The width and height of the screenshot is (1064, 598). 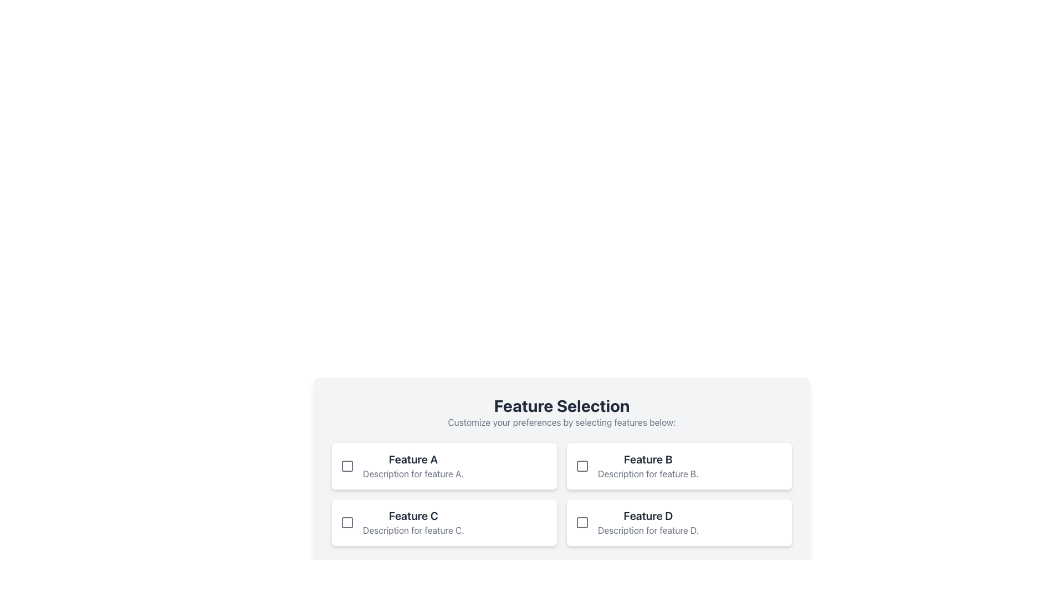 I want to click on the Header titled 'Feature Selection' which contains the subtitle 'Customize your preferences by selecting features below:', so click(x=561, y=412).